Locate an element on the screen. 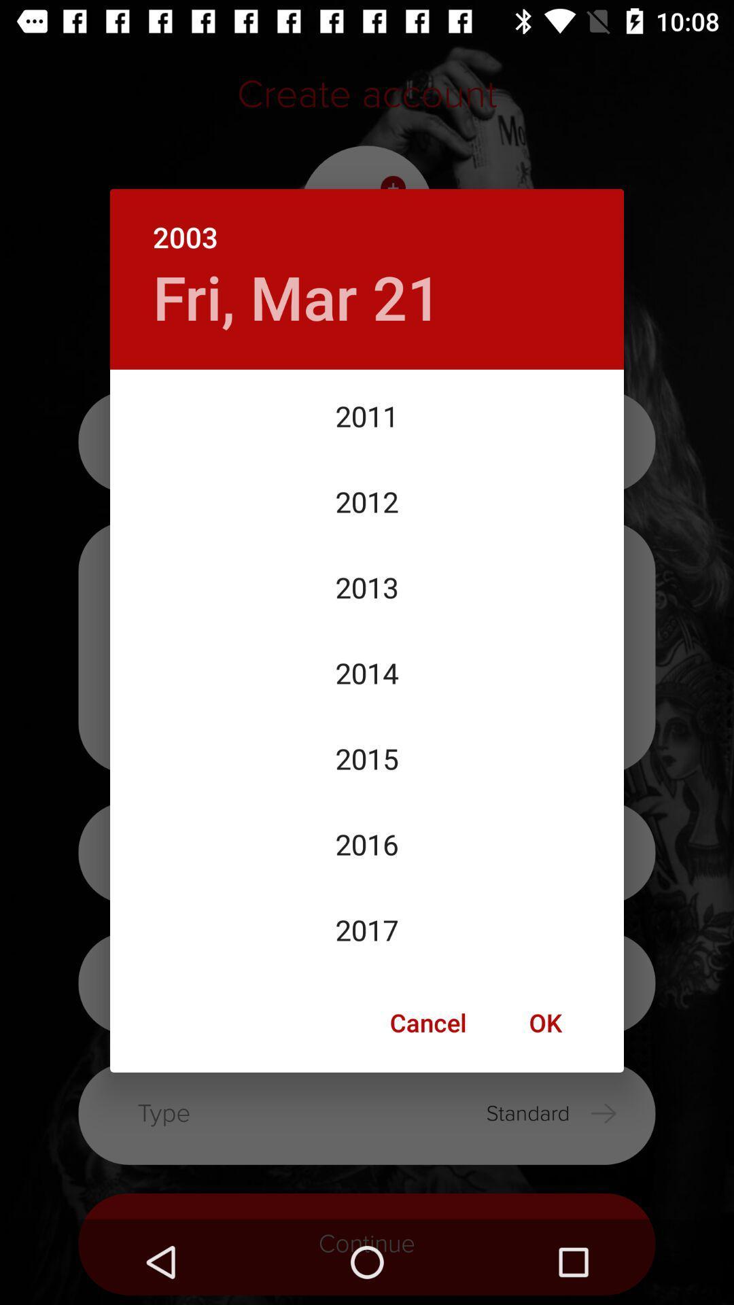 The width and height of the screenshot is (734, 1305). cancel item is located at coordinates (428, 1022).